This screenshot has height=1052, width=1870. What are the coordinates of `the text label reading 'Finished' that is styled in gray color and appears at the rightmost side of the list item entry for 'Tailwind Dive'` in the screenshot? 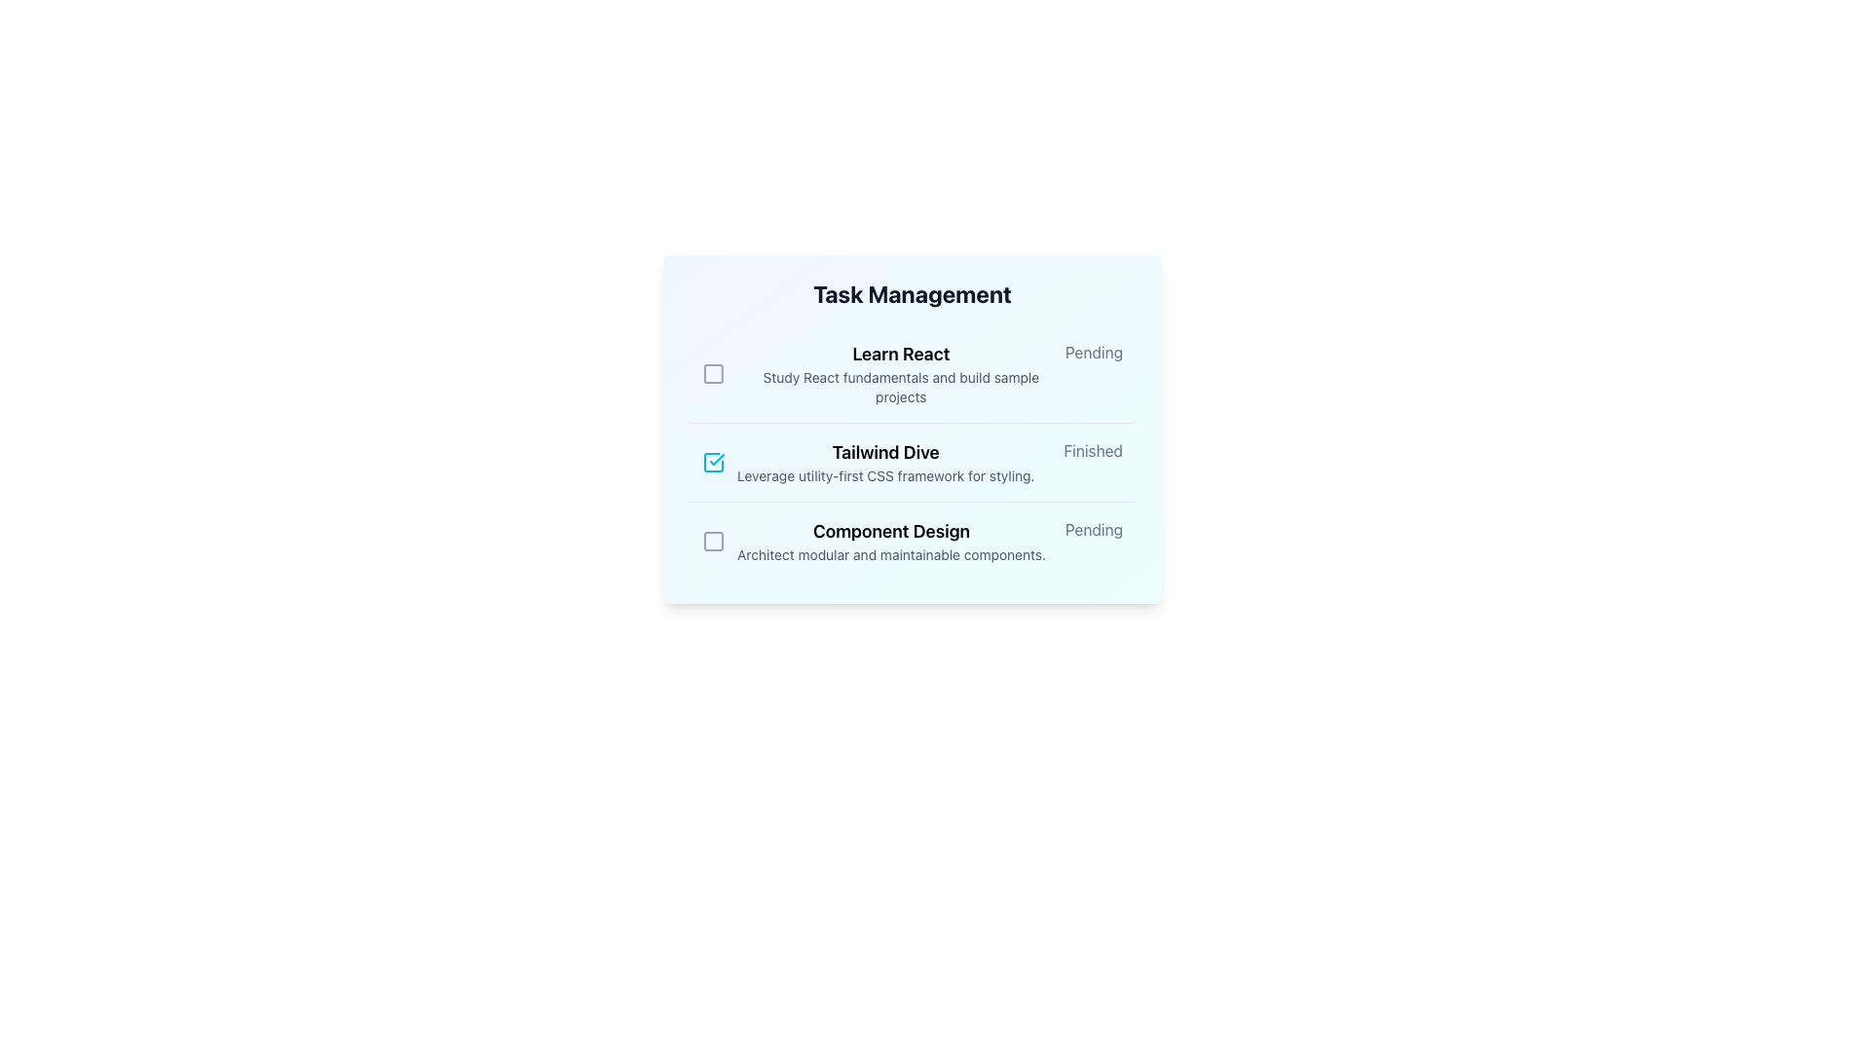 It's located at (1093, 450).